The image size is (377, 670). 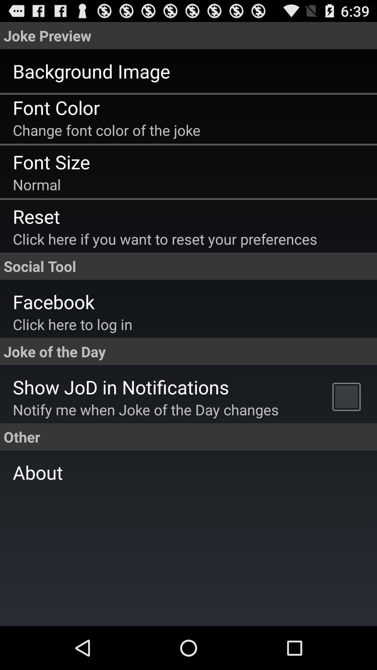 I want to click on the app next to the notify me when app, so click(x=348, y=396).